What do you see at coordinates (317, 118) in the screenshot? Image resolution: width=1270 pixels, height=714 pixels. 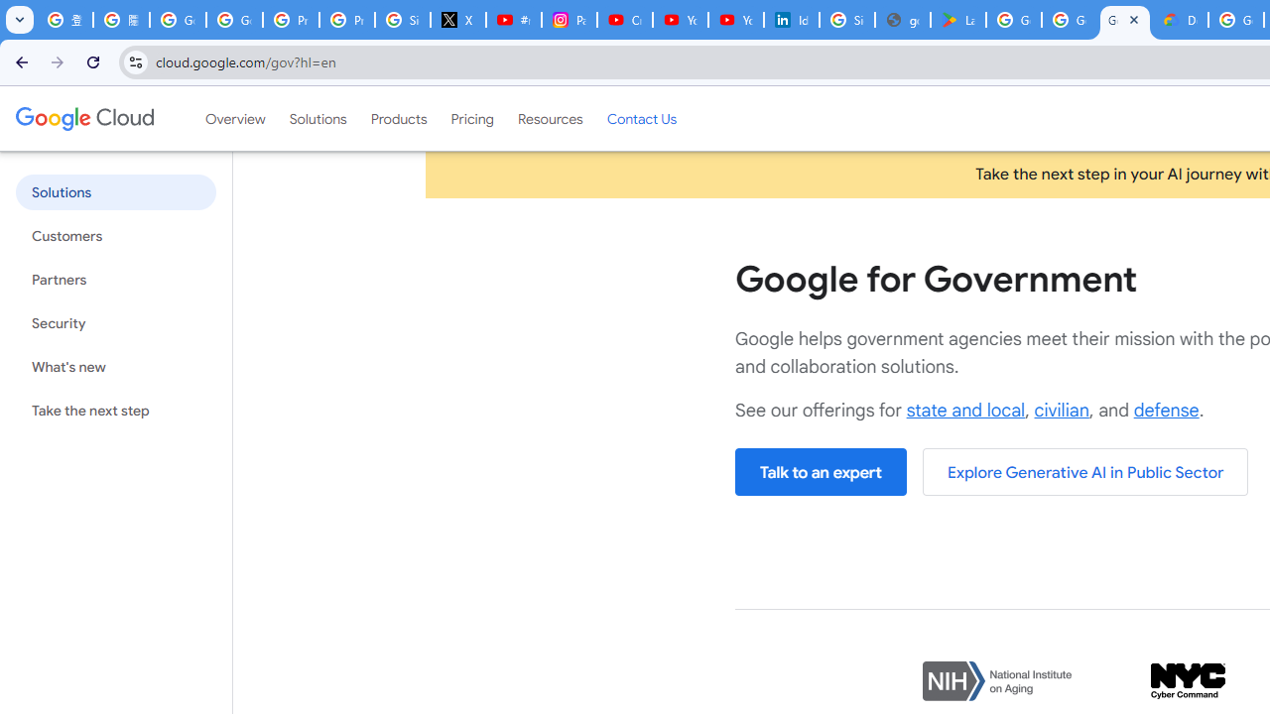 I see `'Solutions'` at bounding box center [317, 118].